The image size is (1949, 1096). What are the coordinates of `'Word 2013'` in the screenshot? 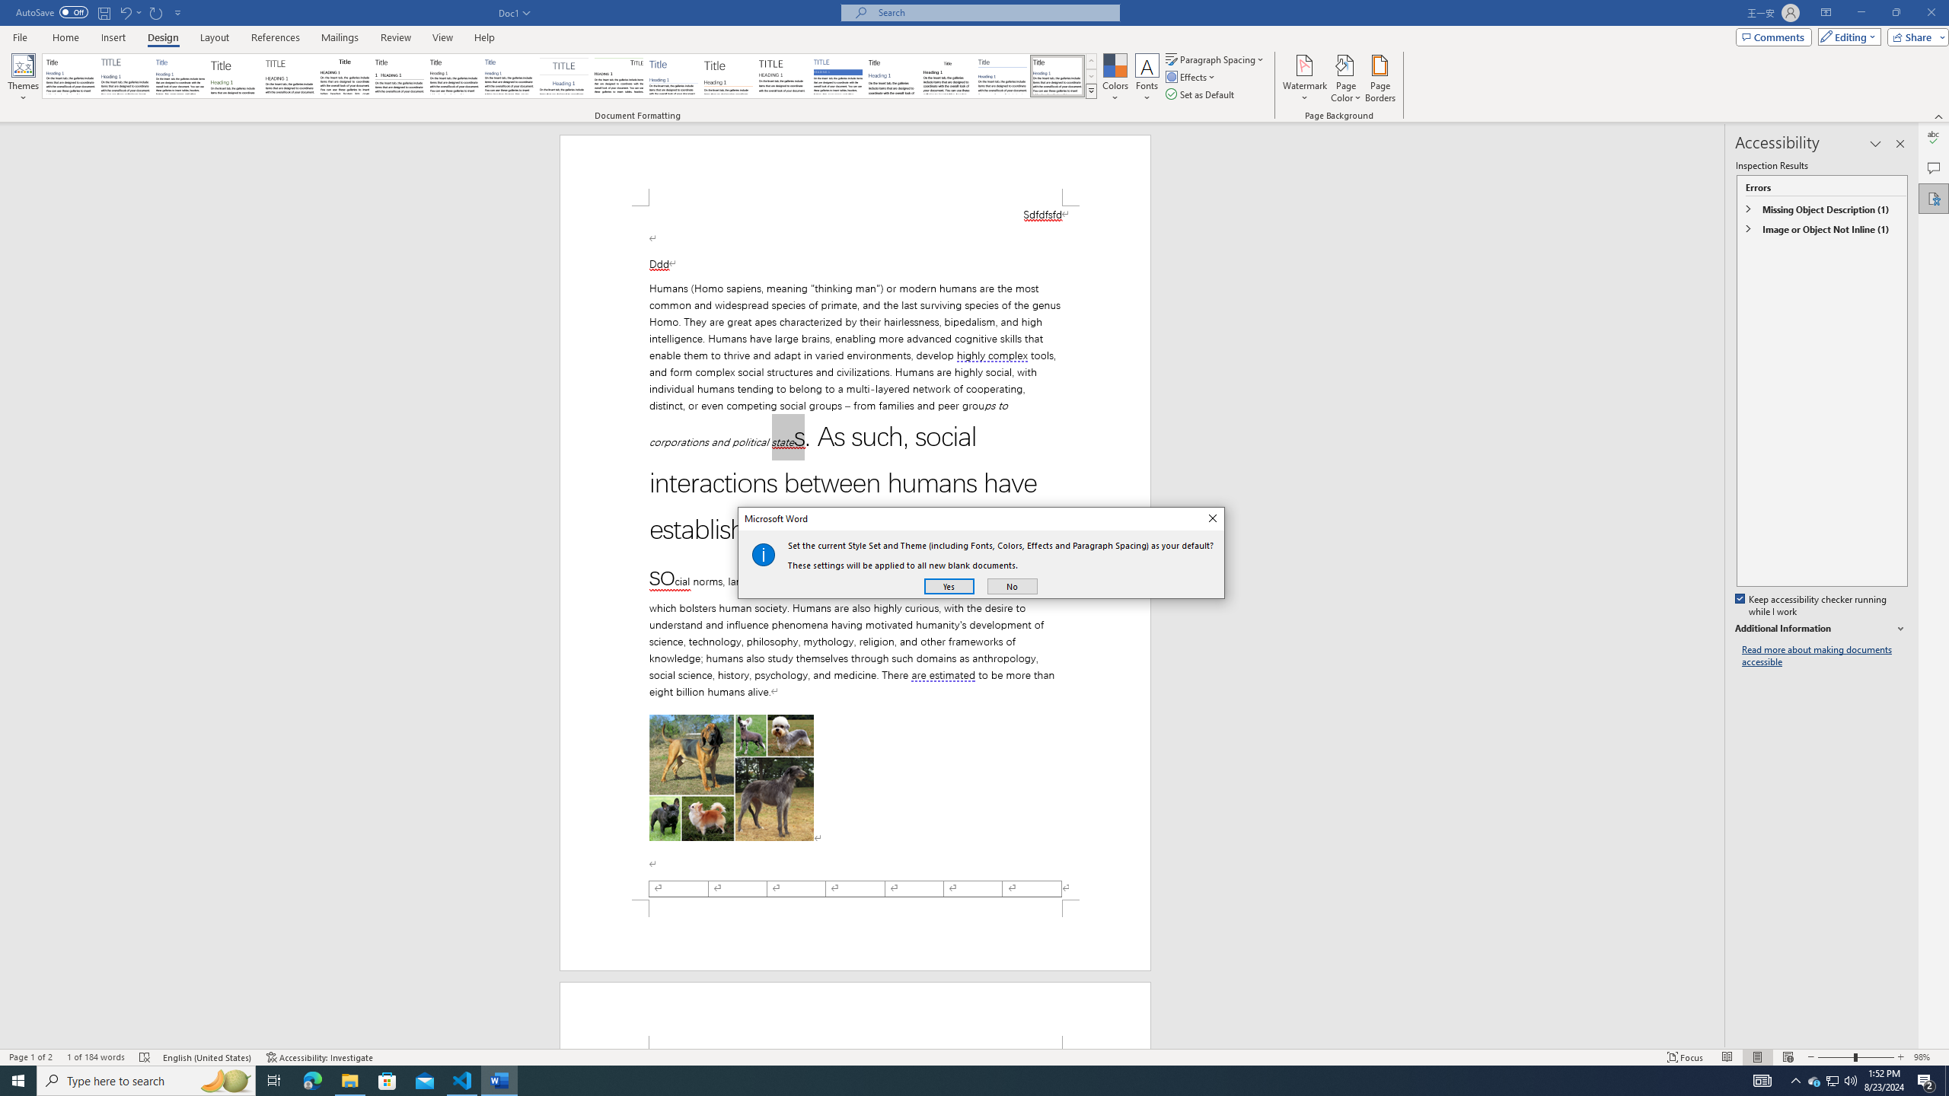 It's located at (1058, 75).